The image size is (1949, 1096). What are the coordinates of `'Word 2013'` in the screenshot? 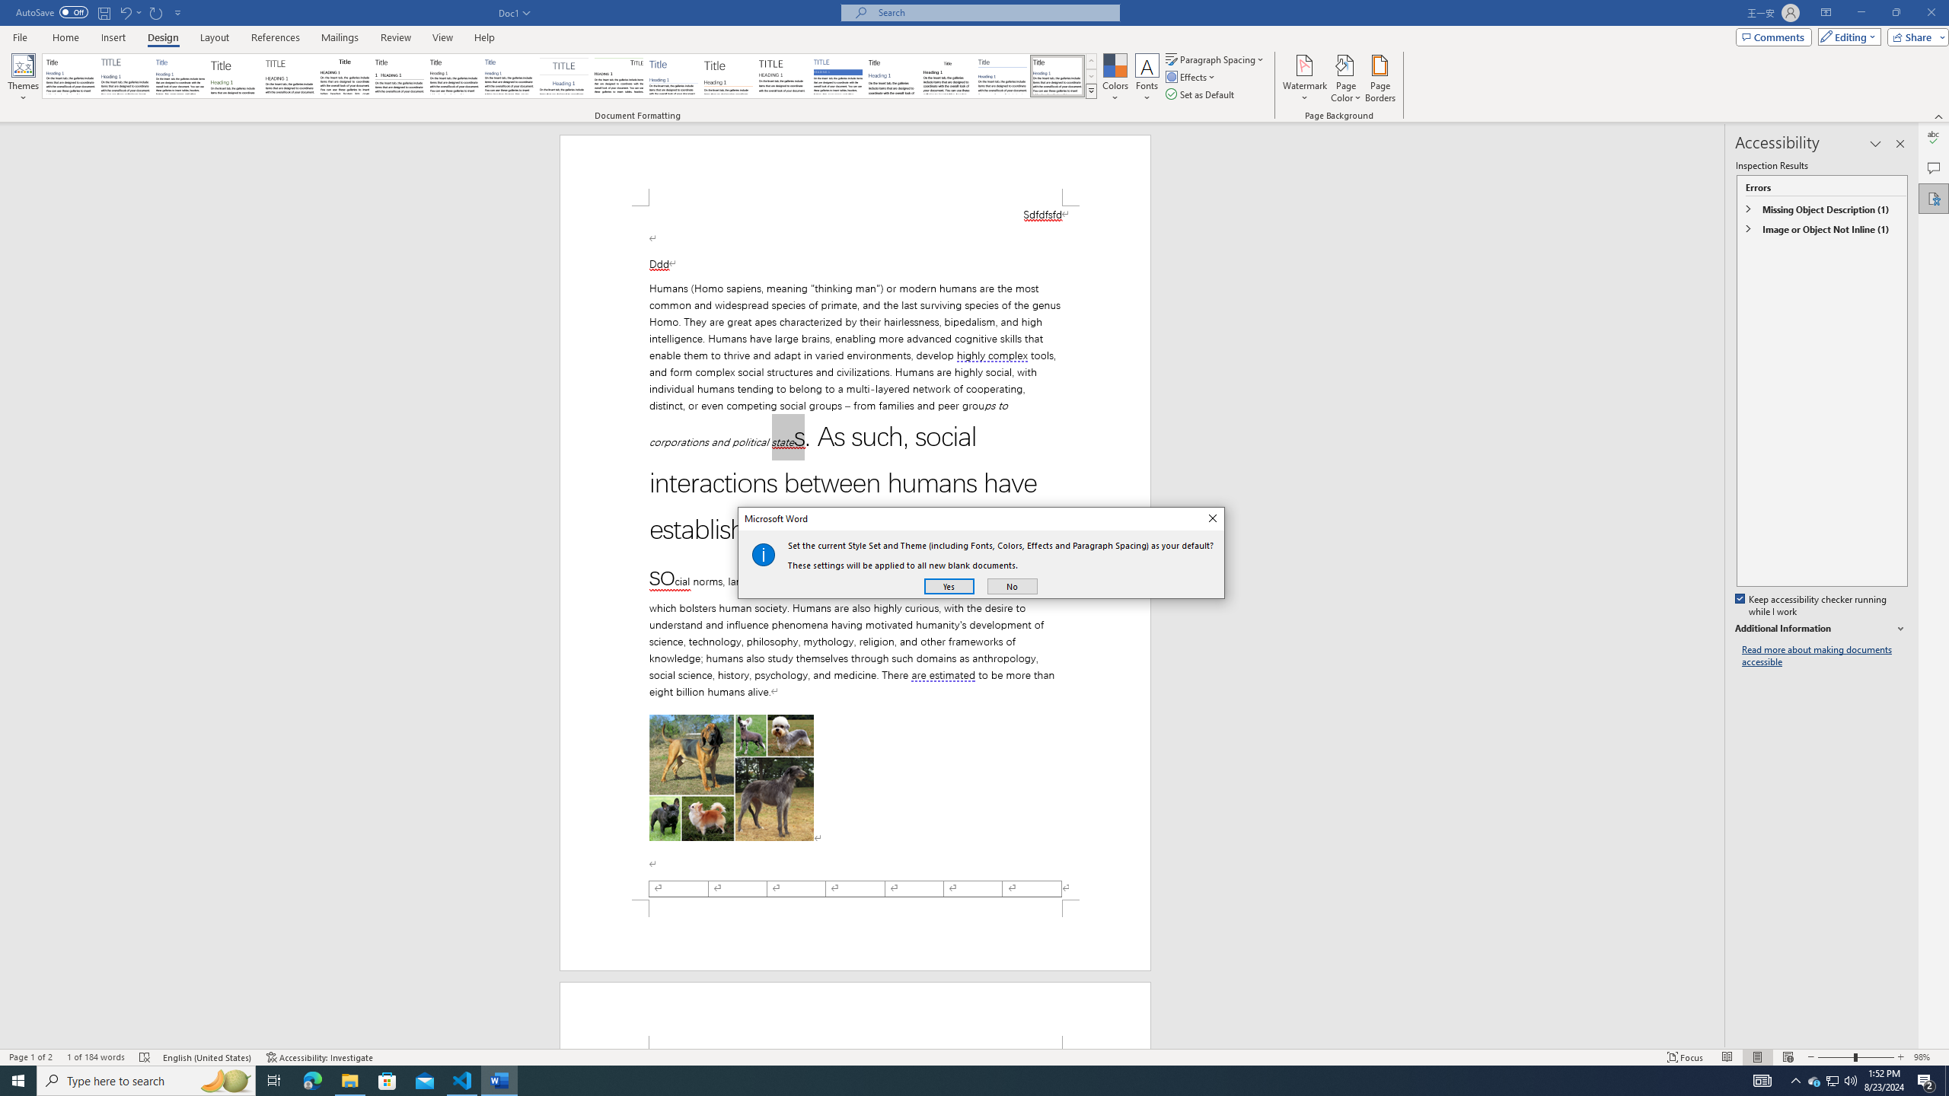 It's located at (1058, 75).